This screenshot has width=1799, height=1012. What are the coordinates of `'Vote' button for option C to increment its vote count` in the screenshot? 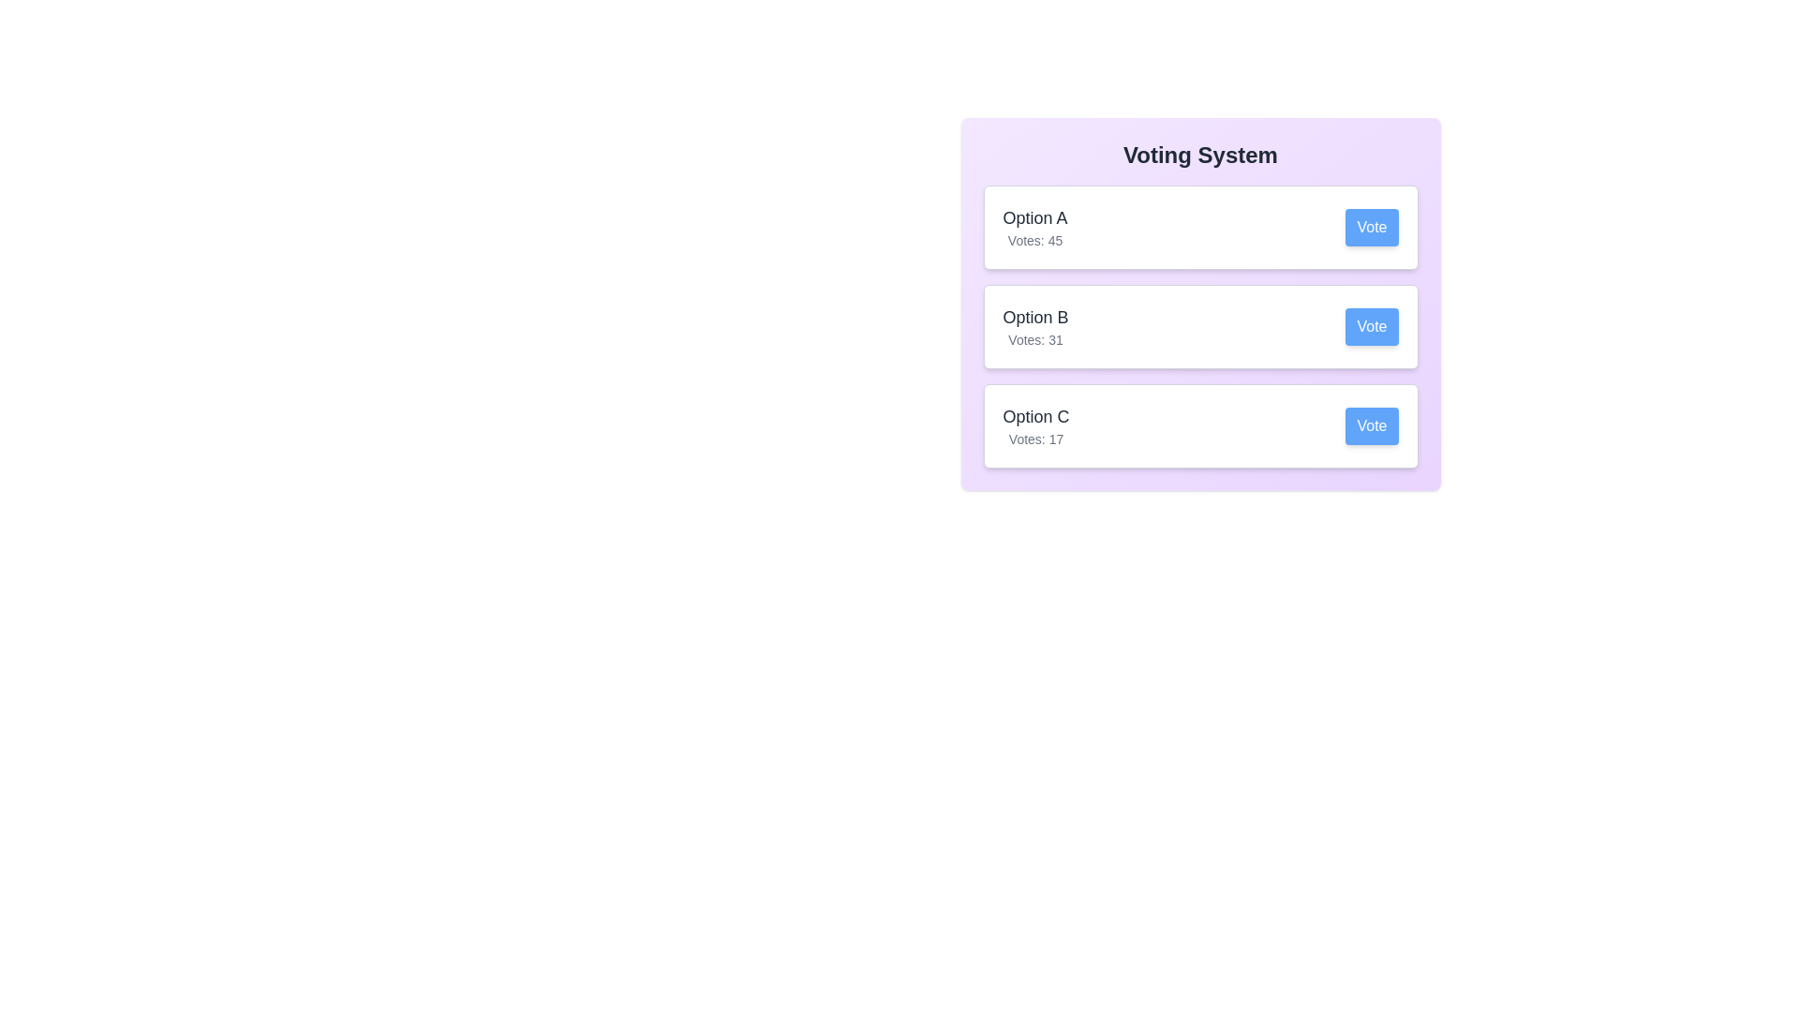 It's located at (1372, 426).